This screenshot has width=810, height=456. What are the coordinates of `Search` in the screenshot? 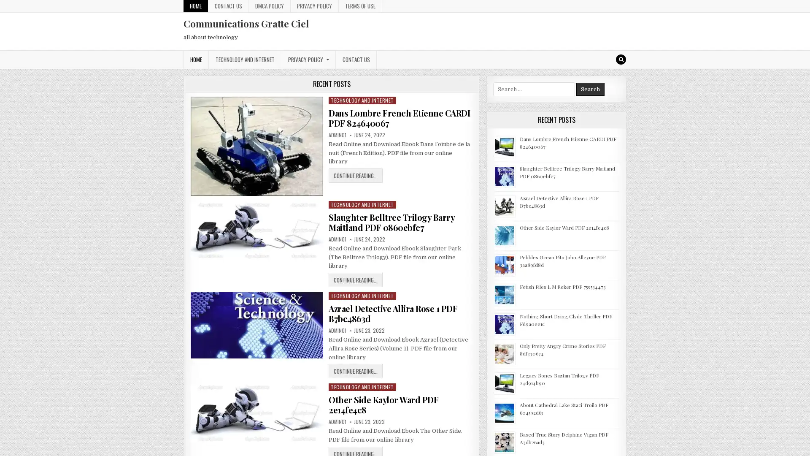 It's located at (590, 89).